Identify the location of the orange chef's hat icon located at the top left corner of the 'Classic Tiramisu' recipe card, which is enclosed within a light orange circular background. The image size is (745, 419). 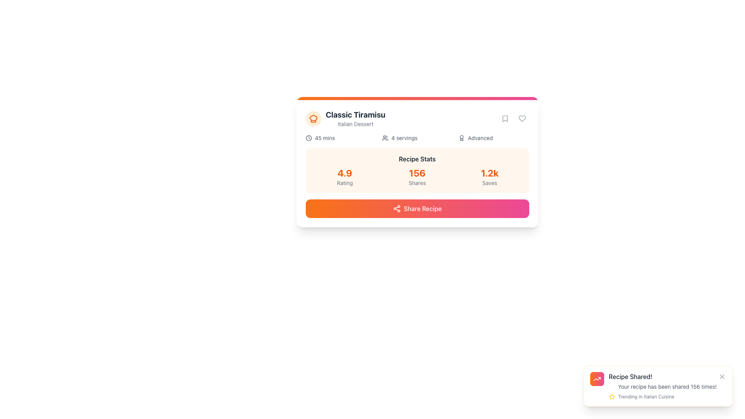
(313, 118).